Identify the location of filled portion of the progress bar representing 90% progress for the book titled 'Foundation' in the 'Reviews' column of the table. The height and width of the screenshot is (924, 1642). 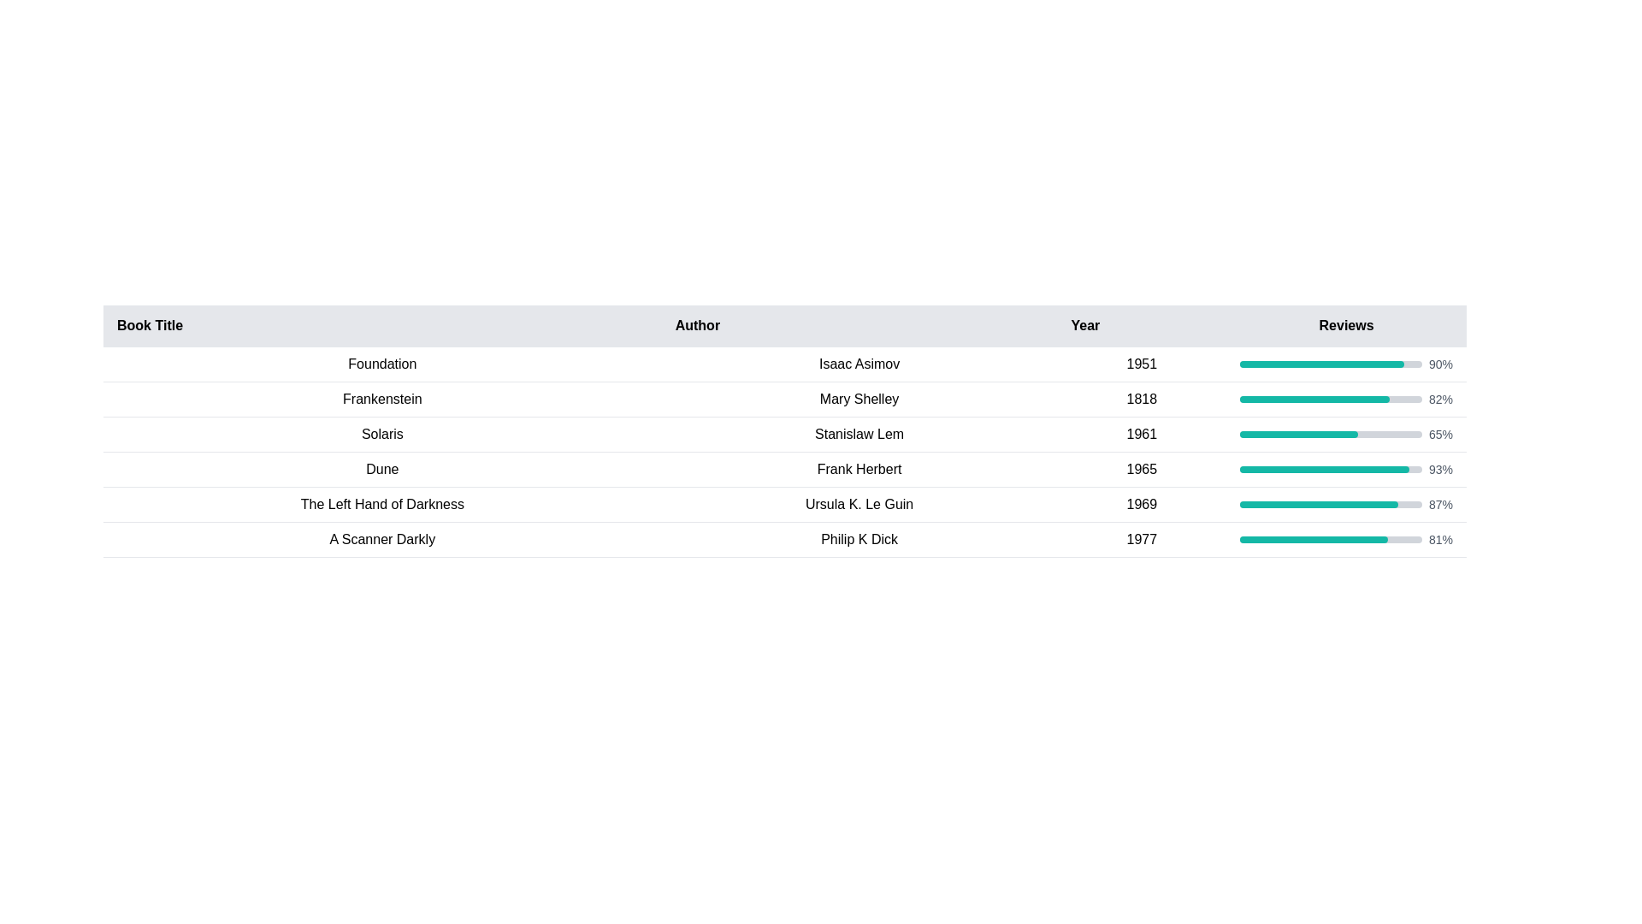
(1320, 363).